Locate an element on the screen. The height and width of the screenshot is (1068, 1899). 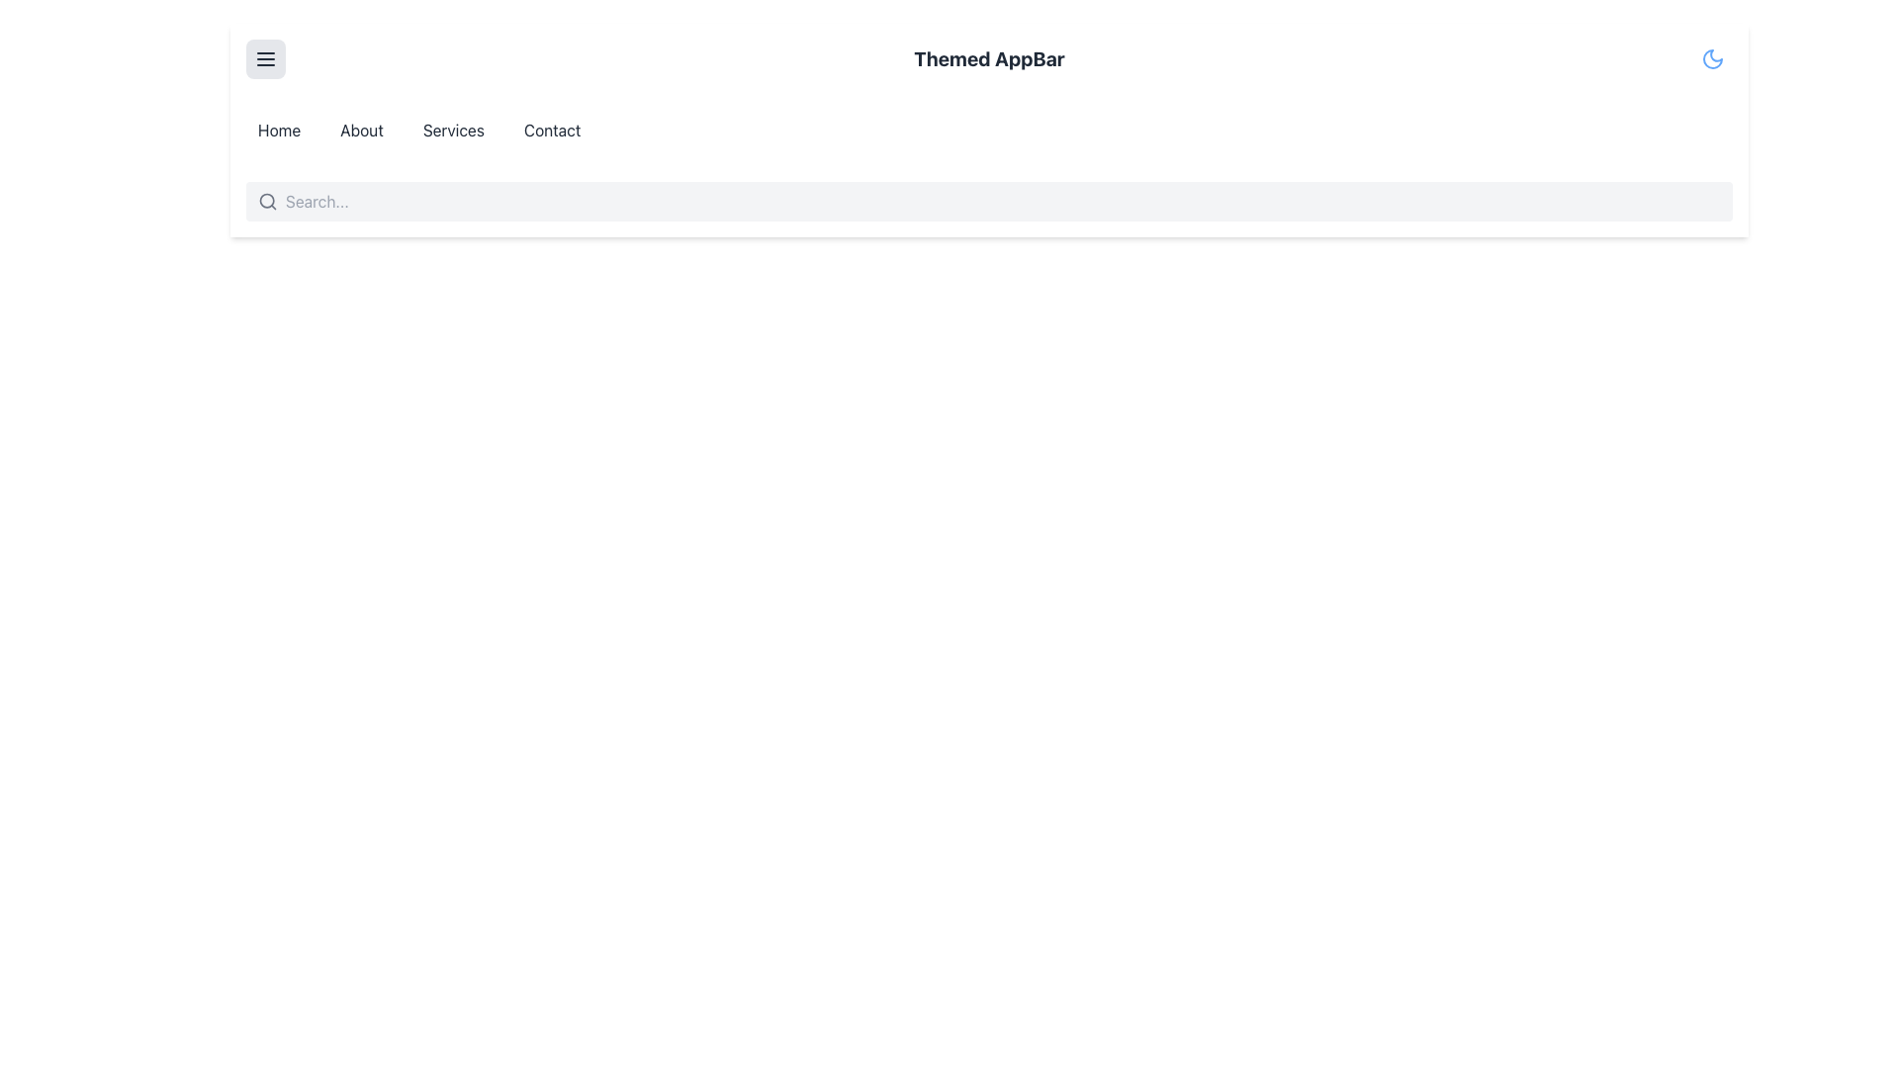
the 'About' button in the horizontal navigation menu at the top of the interface to change its appearance is located at coordinates (361, 130).